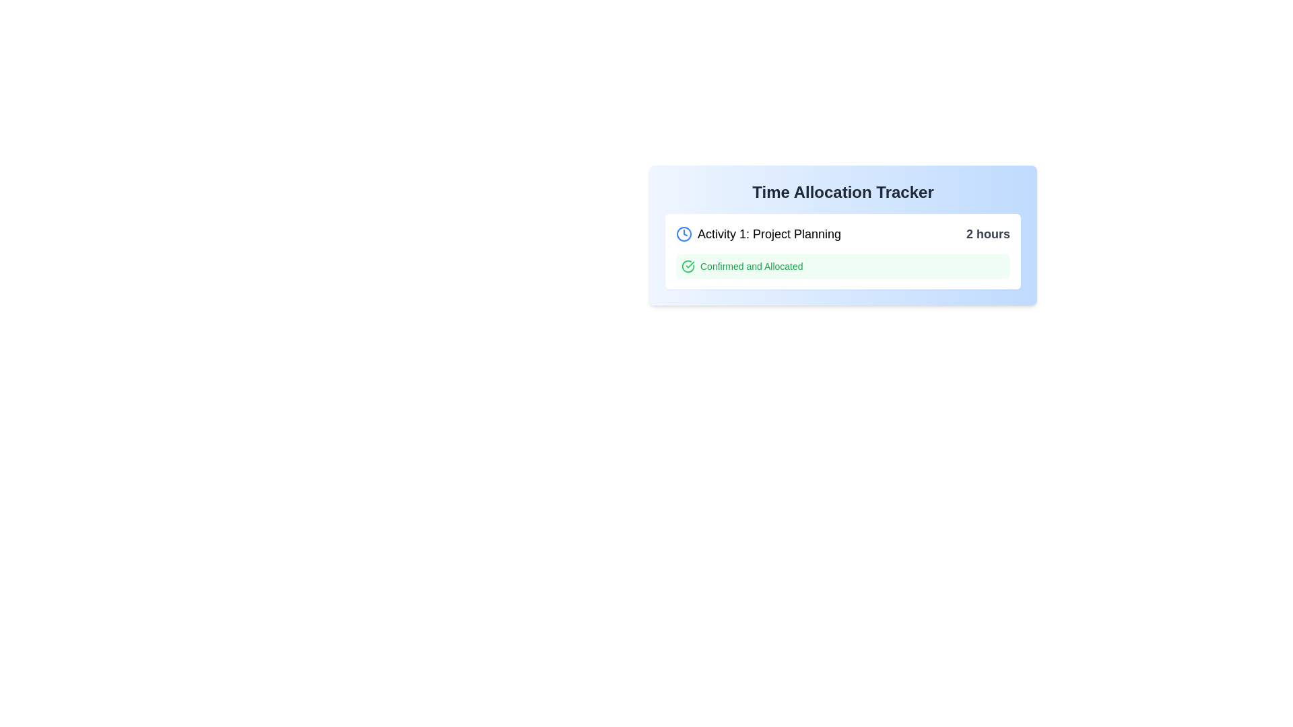  Describe the element at coordinates (688, 267) in the screenshot. I see `the status icon indicating 'Confirmed and Allocated'` at that location.